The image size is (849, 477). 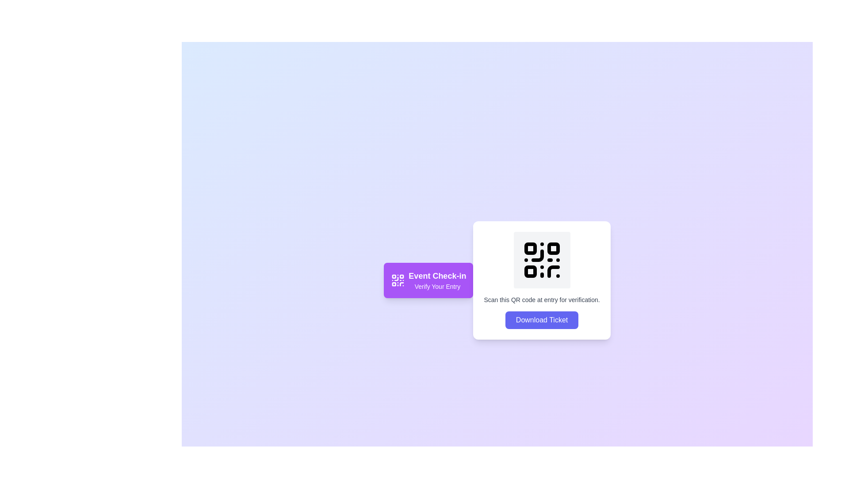 What do you see at coordinates (437, 286) in the screenshot?
I see `the Text label providing context for the 'Event Check-in' process, which is positioned below the 'Event Check-in' text within a vertically arranged card` at bounding box center [437, 286].